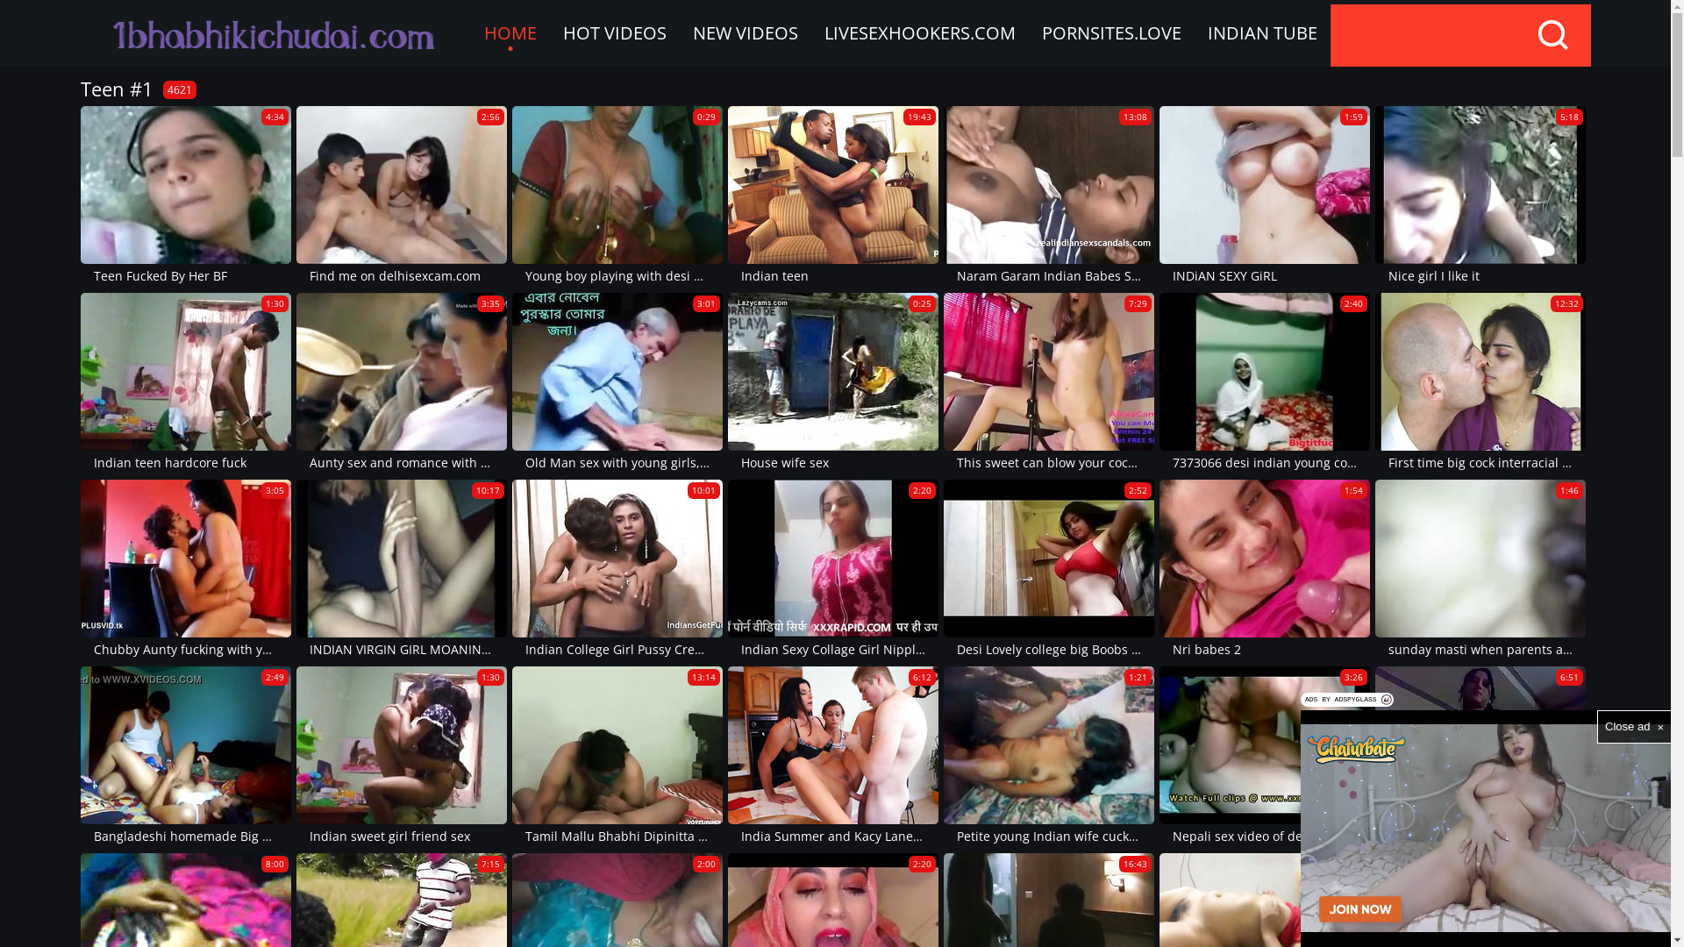 This screenshot has height=947, width=1684. What do you see at coordinates (728, 570) in the screenshot?
I see `'2:20` at bounding box center [728, 570].